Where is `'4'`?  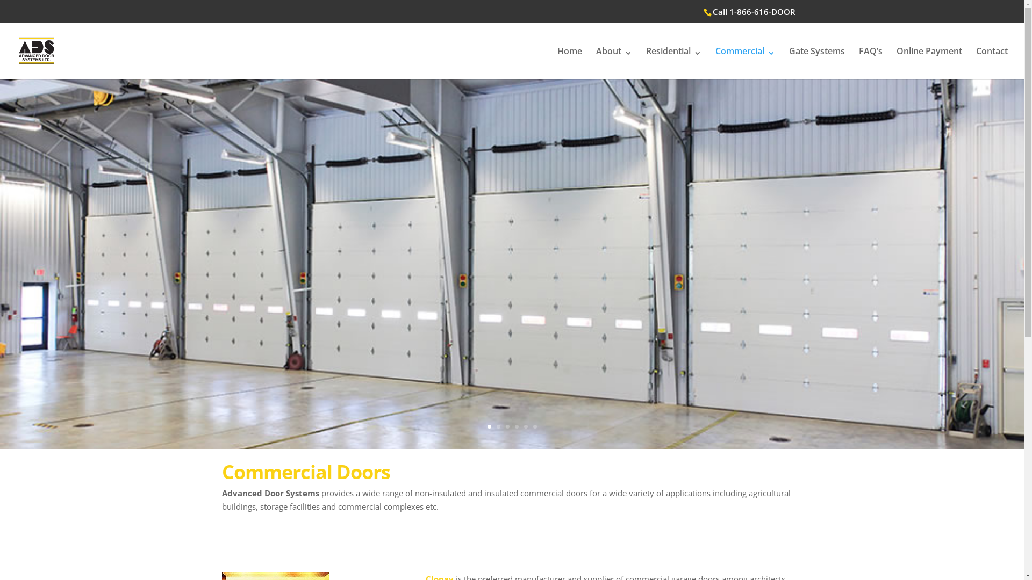 '4' is located at coordinates (517, 426).